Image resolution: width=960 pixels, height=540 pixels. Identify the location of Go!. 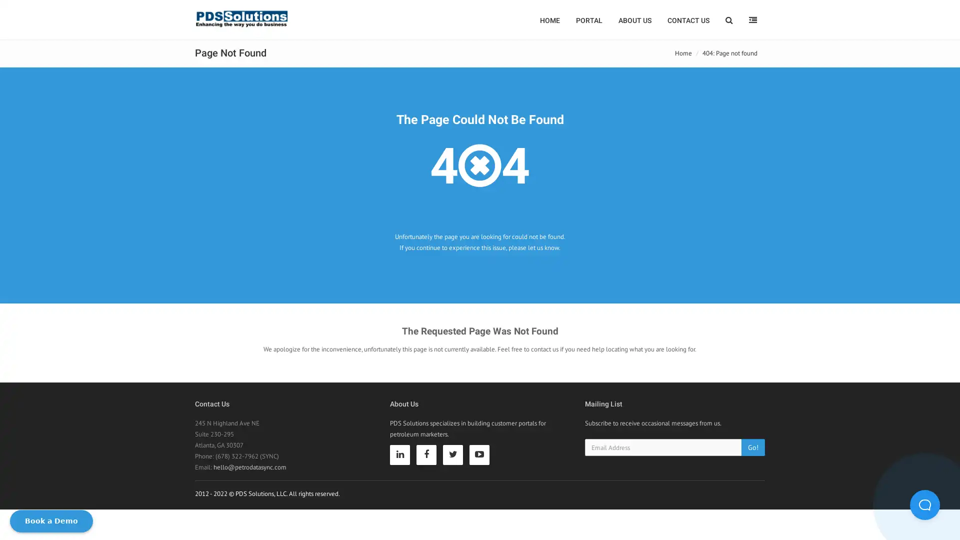
(753, 446).